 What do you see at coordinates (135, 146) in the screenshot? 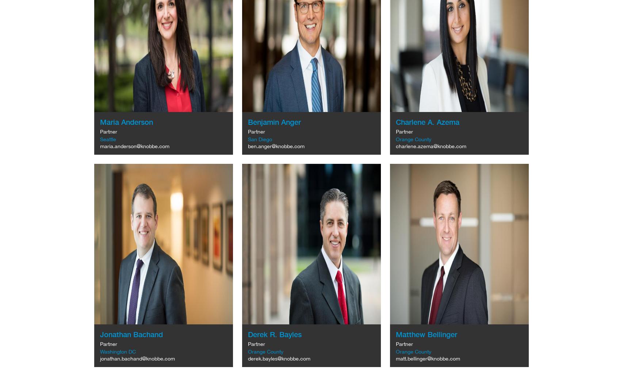
I see `'maria.anderson@knobbe.com'` at bounding box center [135, 146].